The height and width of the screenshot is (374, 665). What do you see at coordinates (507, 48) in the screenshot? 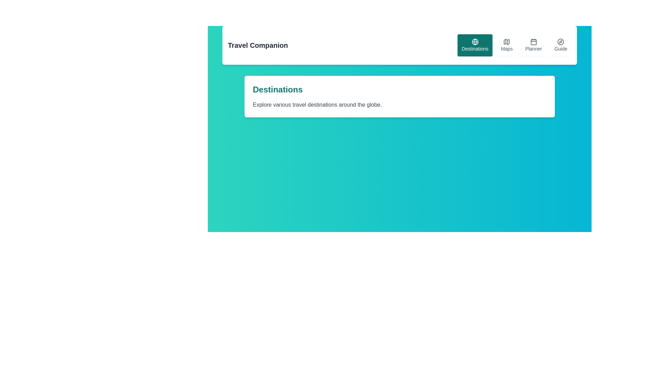
I see `the 'Maps' text label located within the interactive button on the navigation bar, which is positioned to the right of the 'Destinations' element` at bounding box center [507, 48].